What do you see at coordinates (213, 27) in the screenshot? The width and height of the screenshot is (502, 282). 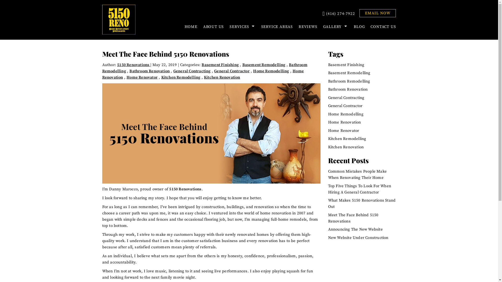 I see `'ABOUT US'` at bounding box center [213, 27].